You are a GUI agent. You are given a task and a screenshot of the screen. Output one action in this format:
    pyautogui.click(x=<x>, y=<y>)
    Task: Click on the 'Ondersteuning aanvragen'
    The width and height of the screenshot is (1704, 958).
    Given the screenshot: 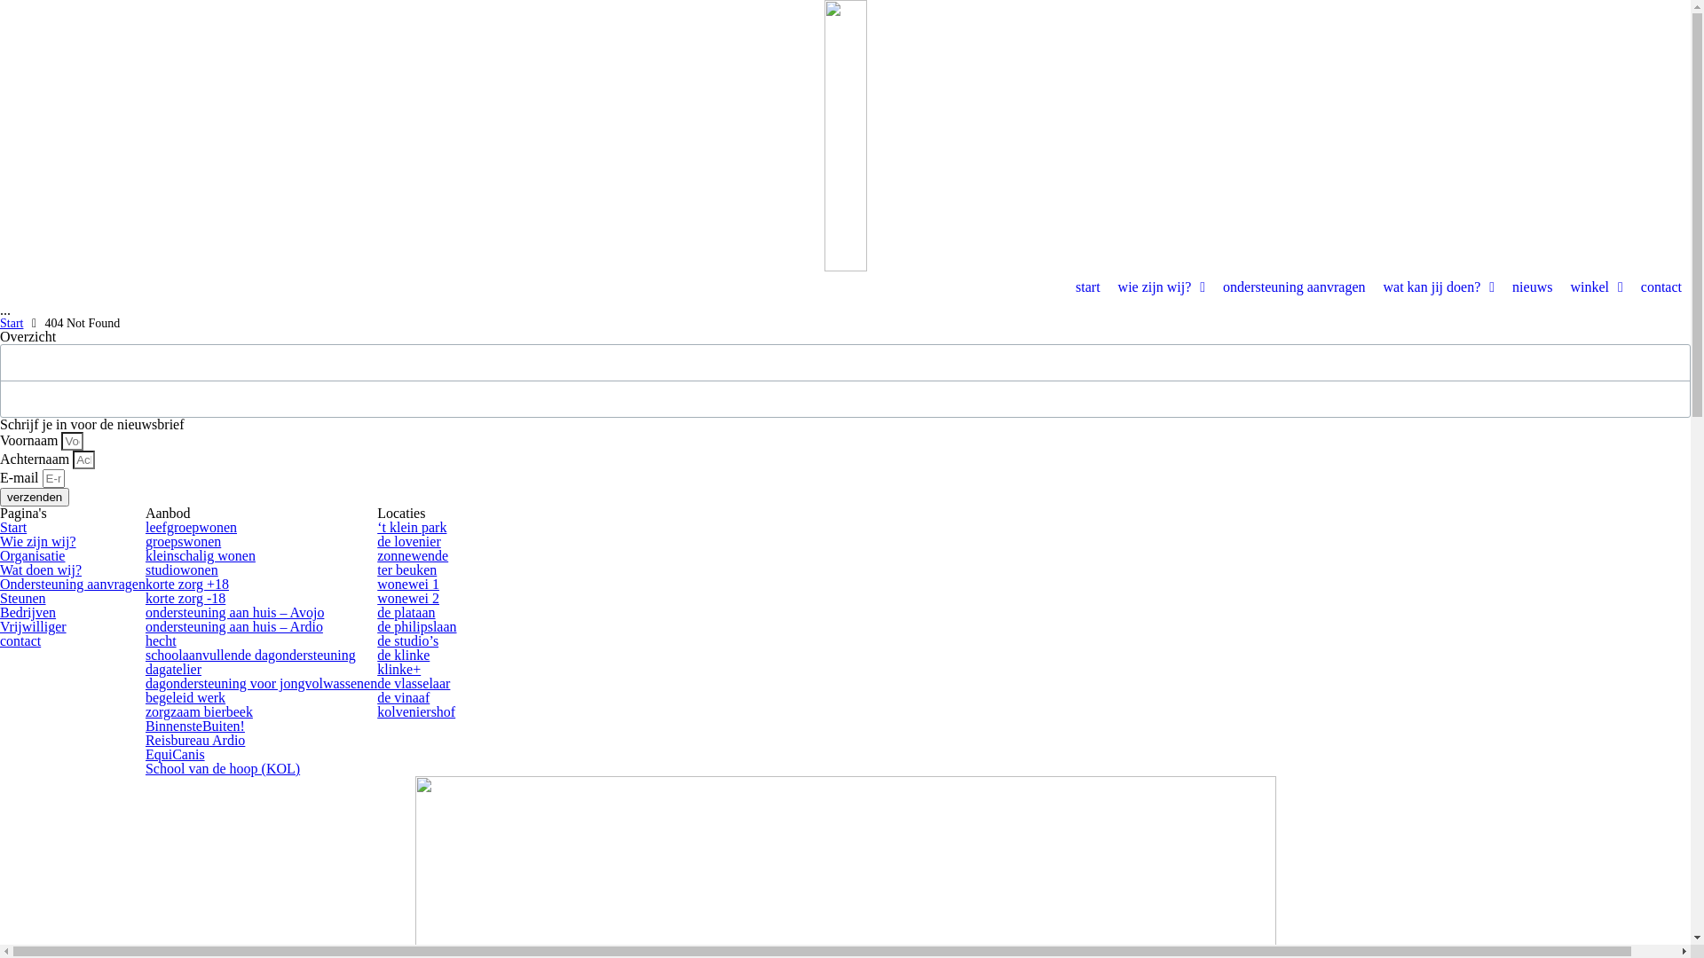 What is the action you would take?
    pyautogui.click(x=71, y=584)
    